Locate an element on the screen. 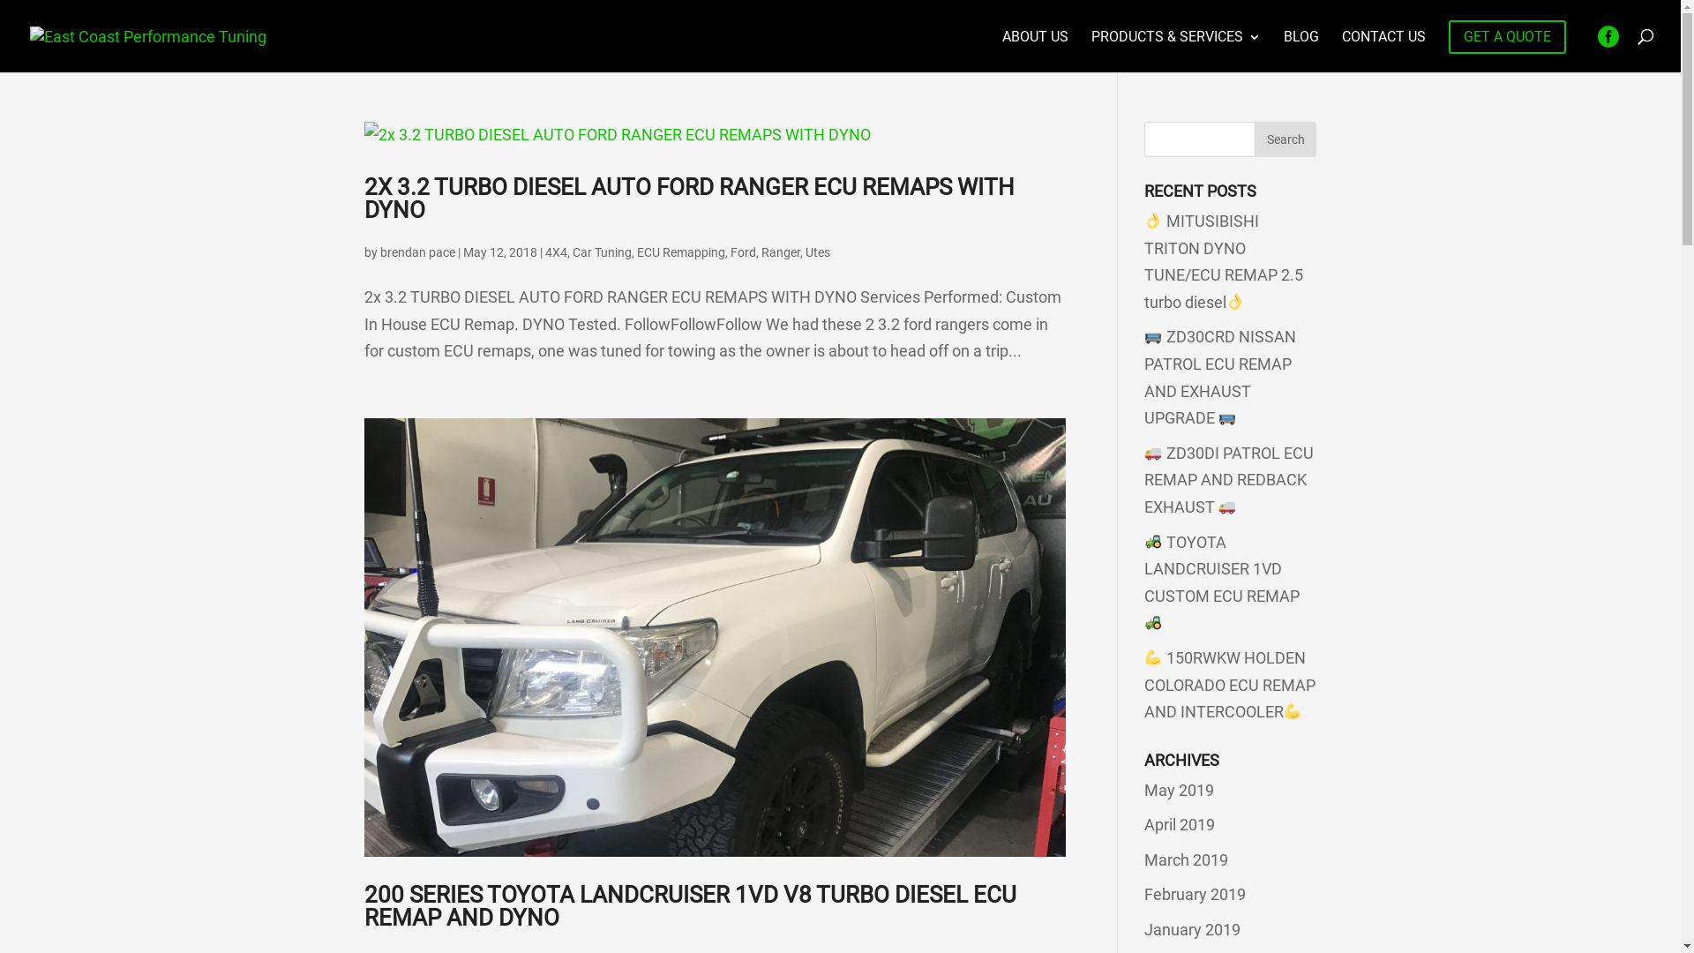 This screenshot has height=953, width=1694. 'Utes' is located at coordinates (816, 251).